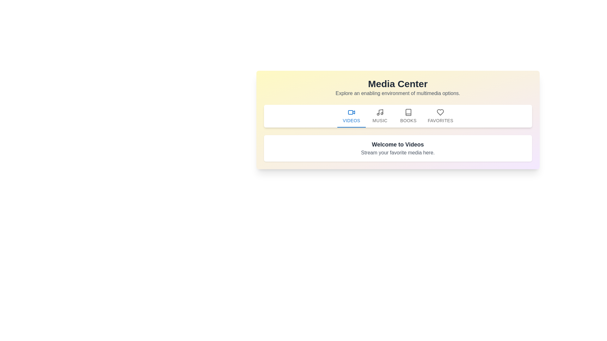  What do you see at coordinates (440, 116) in the screenshot?
I see `the Tab Button for favorites` at bounding box center [440, 116].